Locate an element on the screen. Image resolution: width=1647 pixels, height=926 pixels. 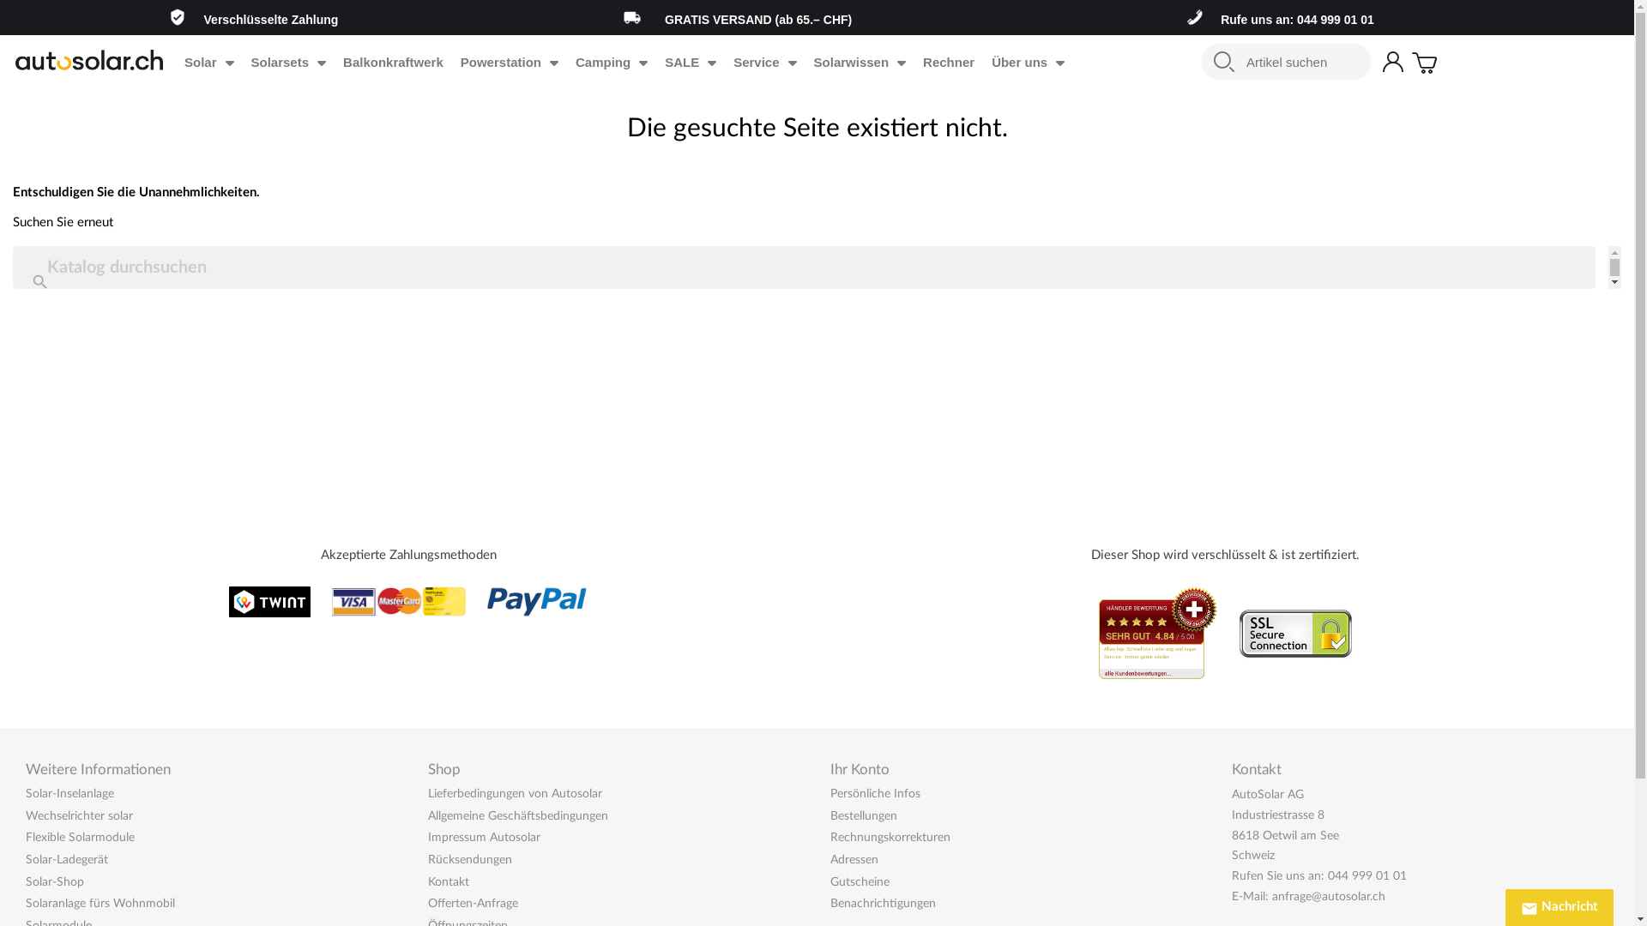
'Benachrichtigungen' is located at coordinates (883, 902).